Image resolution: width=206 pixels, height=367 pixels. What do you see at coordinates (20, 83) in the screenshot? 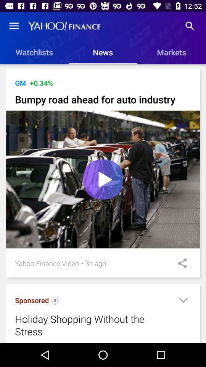
I see `the icon above bumpy road ahead icon` at bounding box center [20, 83].